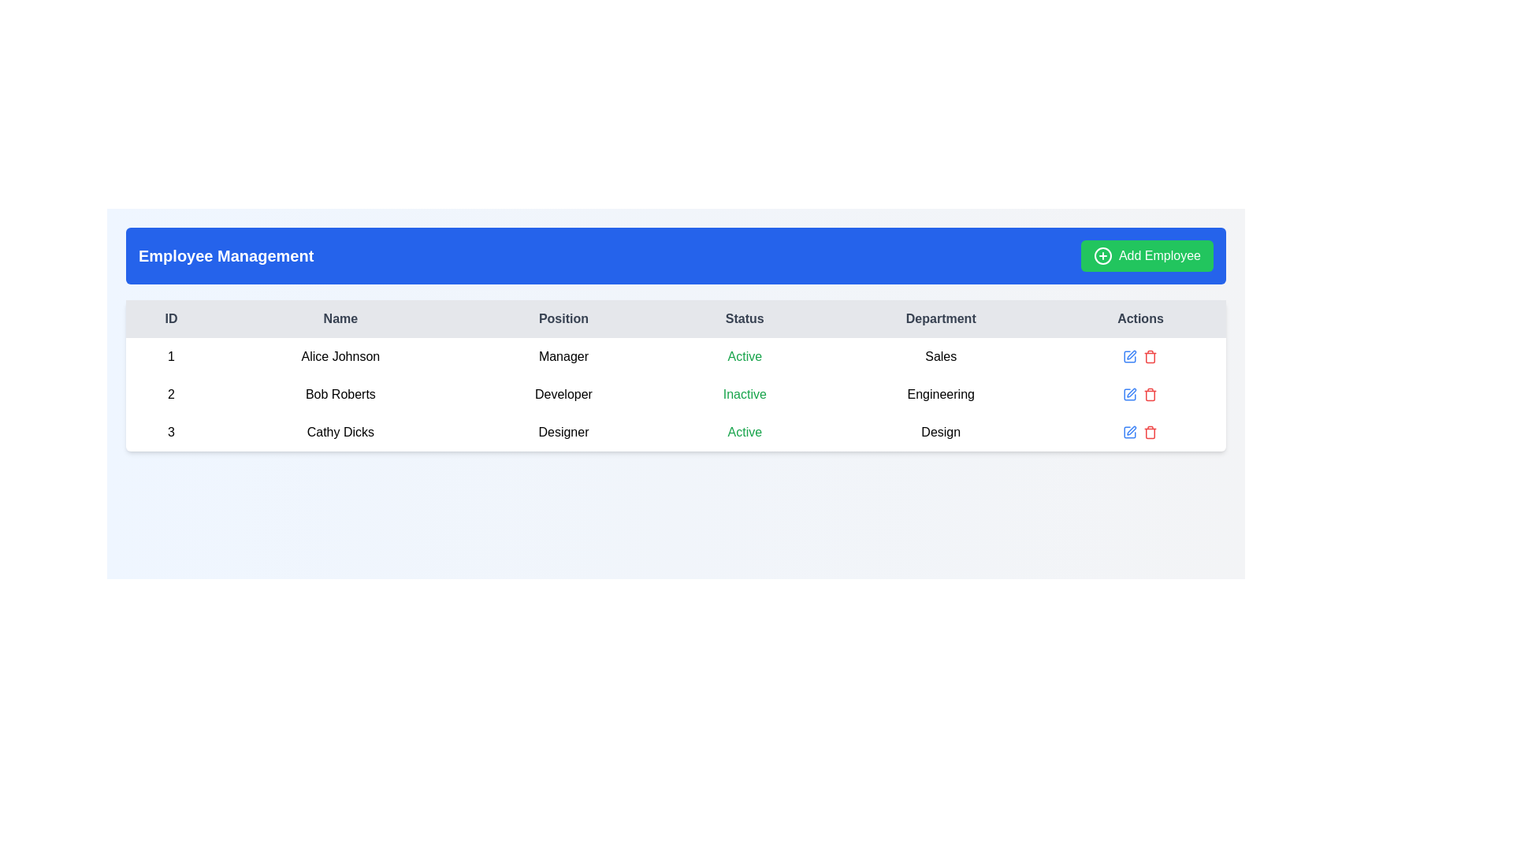  Describe the element at coordinates (1140, 356) in the screenshot. I see `the action icons (edit and delete) in the 'Actions' column of the first row corresponding to Alice Johnson` at that location.